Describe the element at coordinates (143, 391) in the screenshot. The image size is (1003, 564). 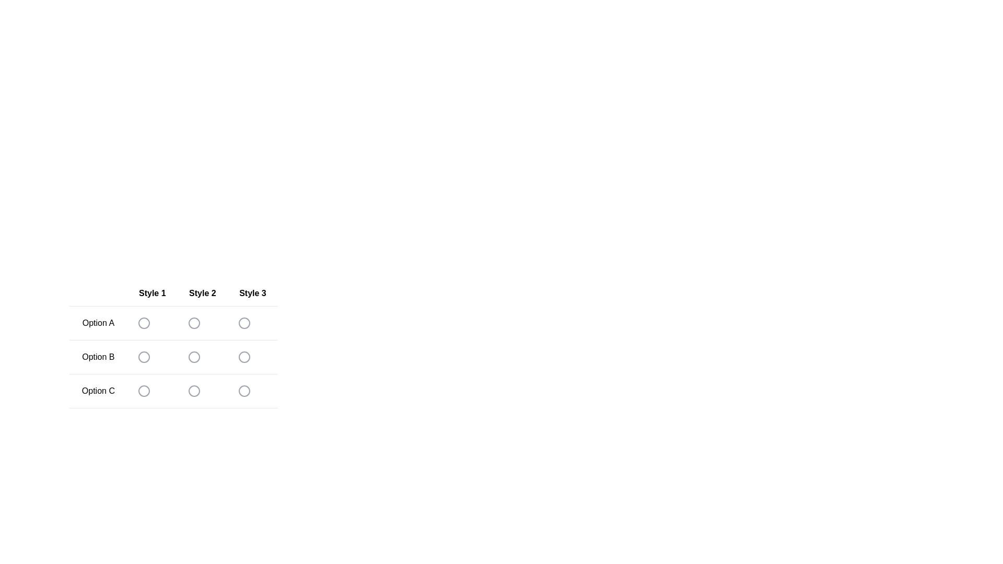
I see `the unselected radio button in the first column of the third row under the label 'Style 1'` at that location.